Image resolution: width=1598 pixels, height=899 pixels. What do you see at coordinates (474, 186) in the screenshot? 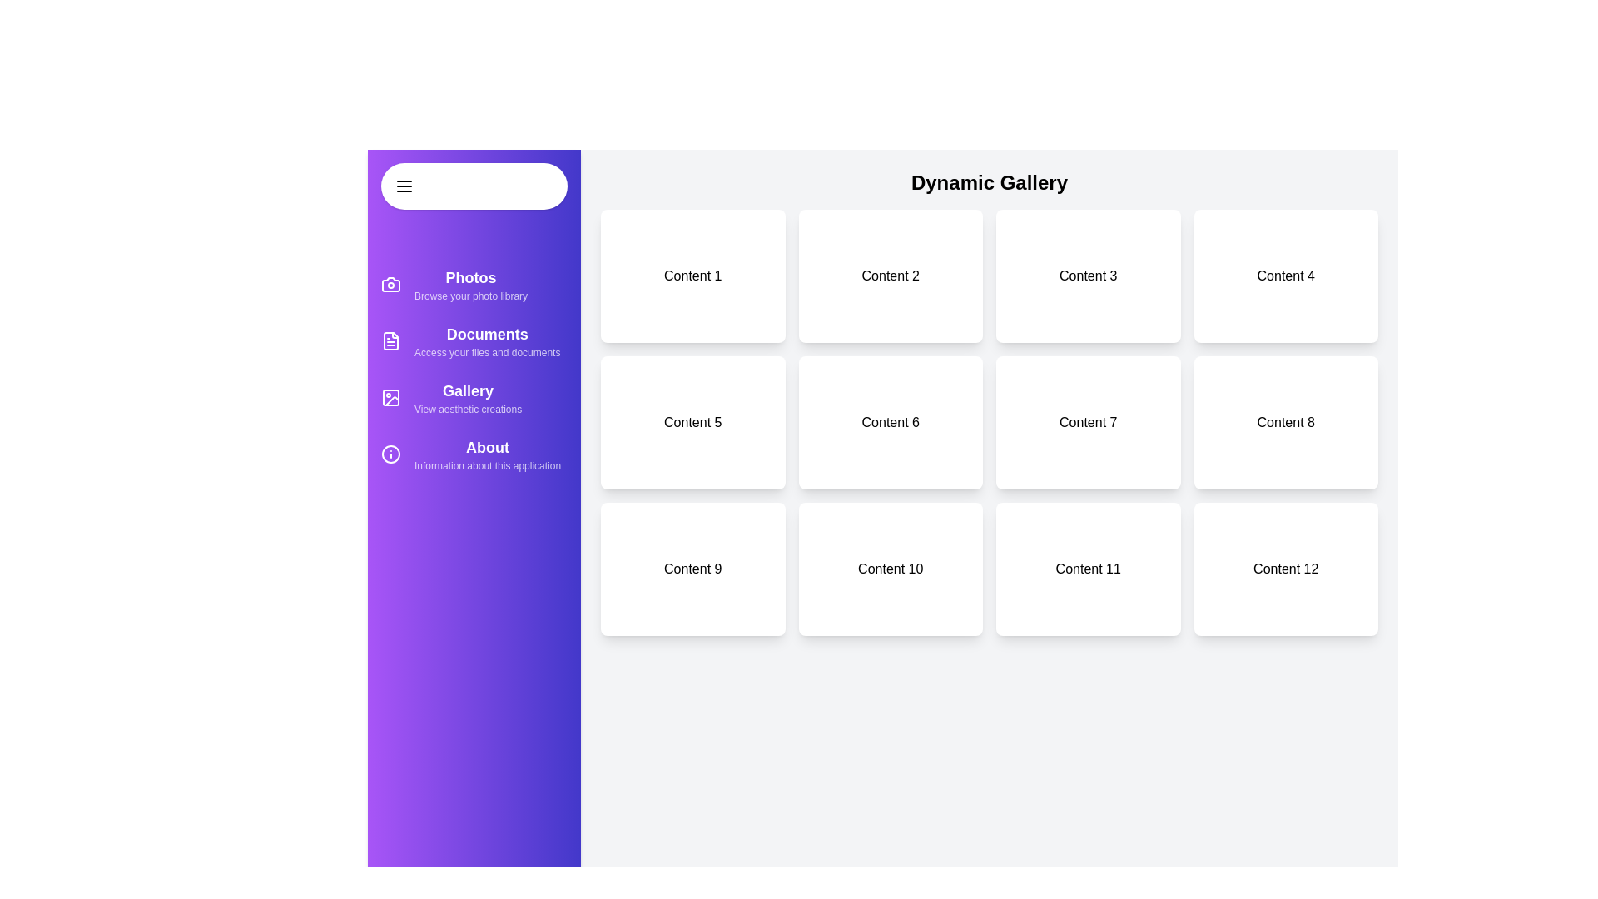
I see `button at the top left corner to toggle the drawer` at bounding box center [474, 186].